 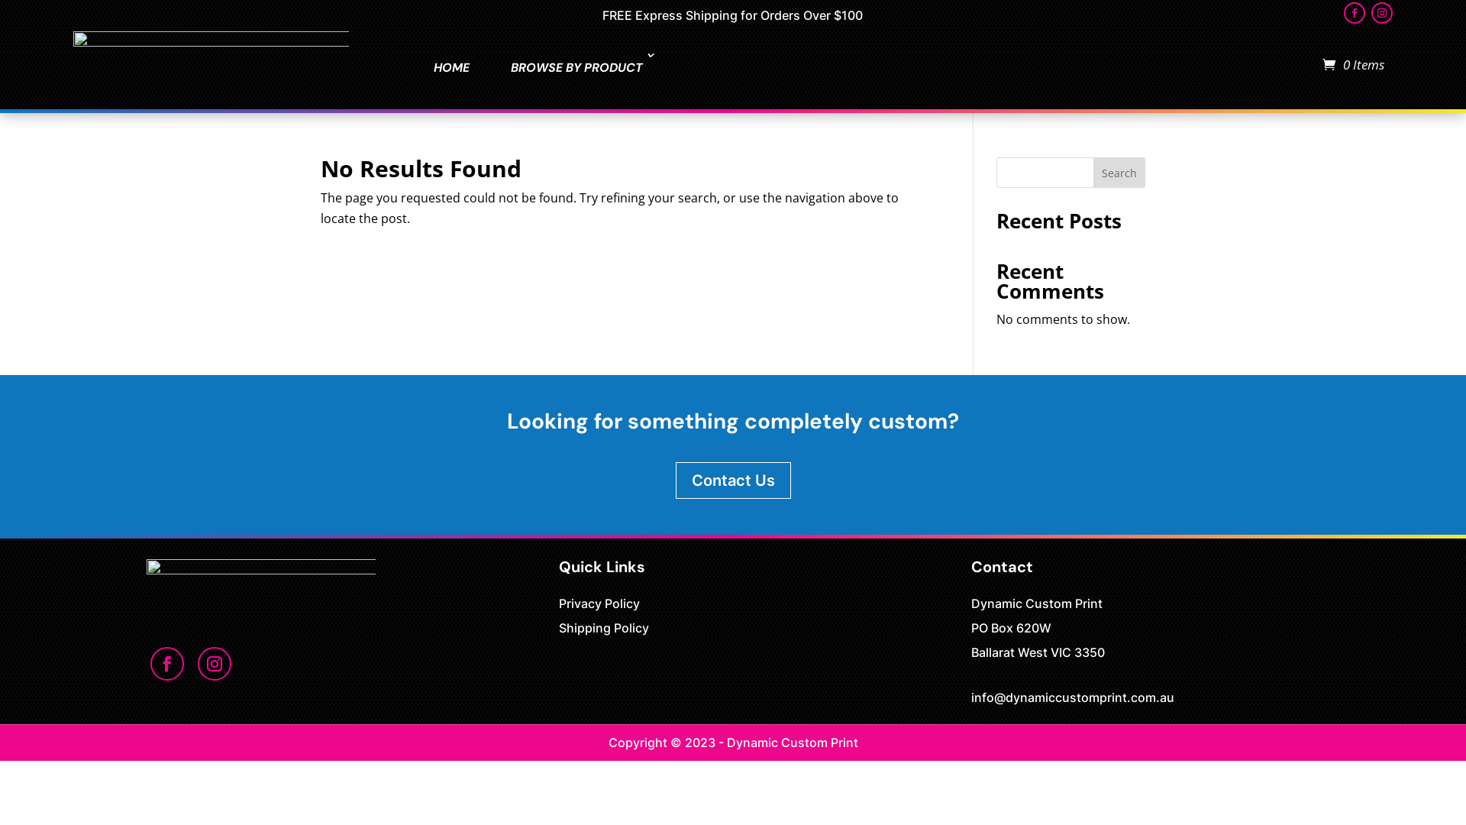 I want to click on 'Follow on Facebook', so click(x=1355, y=12).